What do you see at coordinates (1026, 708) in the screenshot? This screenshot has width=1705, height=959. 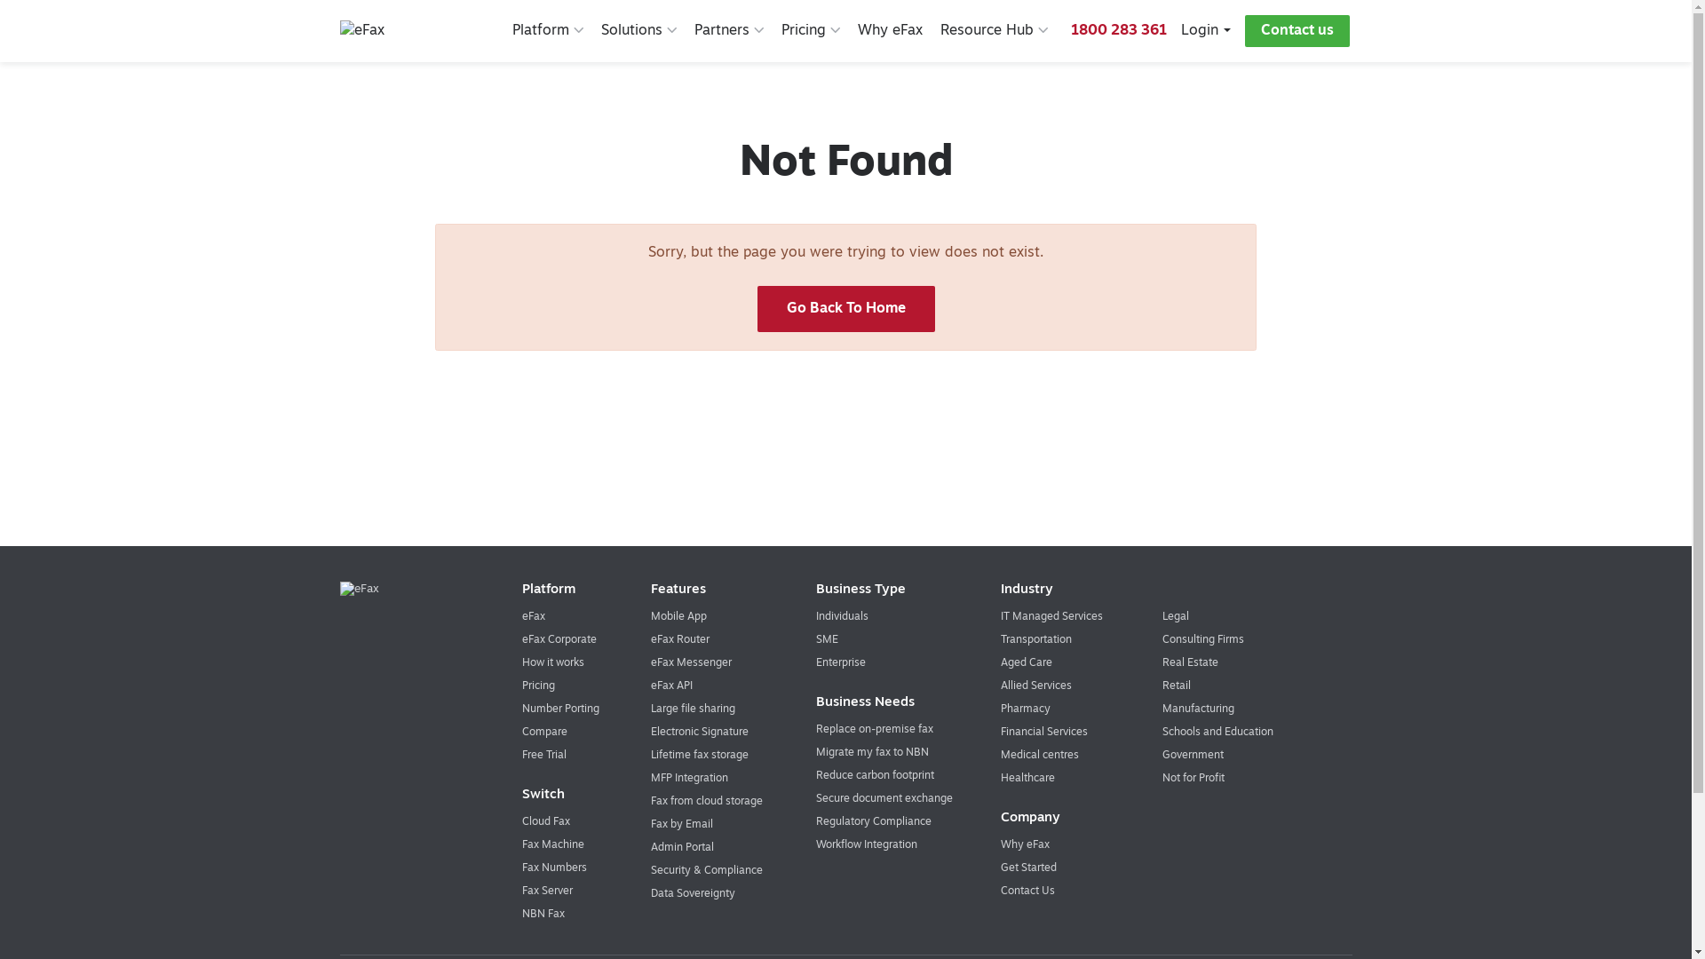 I see `'Pharmacy'` at bounding box center [1026, 708].